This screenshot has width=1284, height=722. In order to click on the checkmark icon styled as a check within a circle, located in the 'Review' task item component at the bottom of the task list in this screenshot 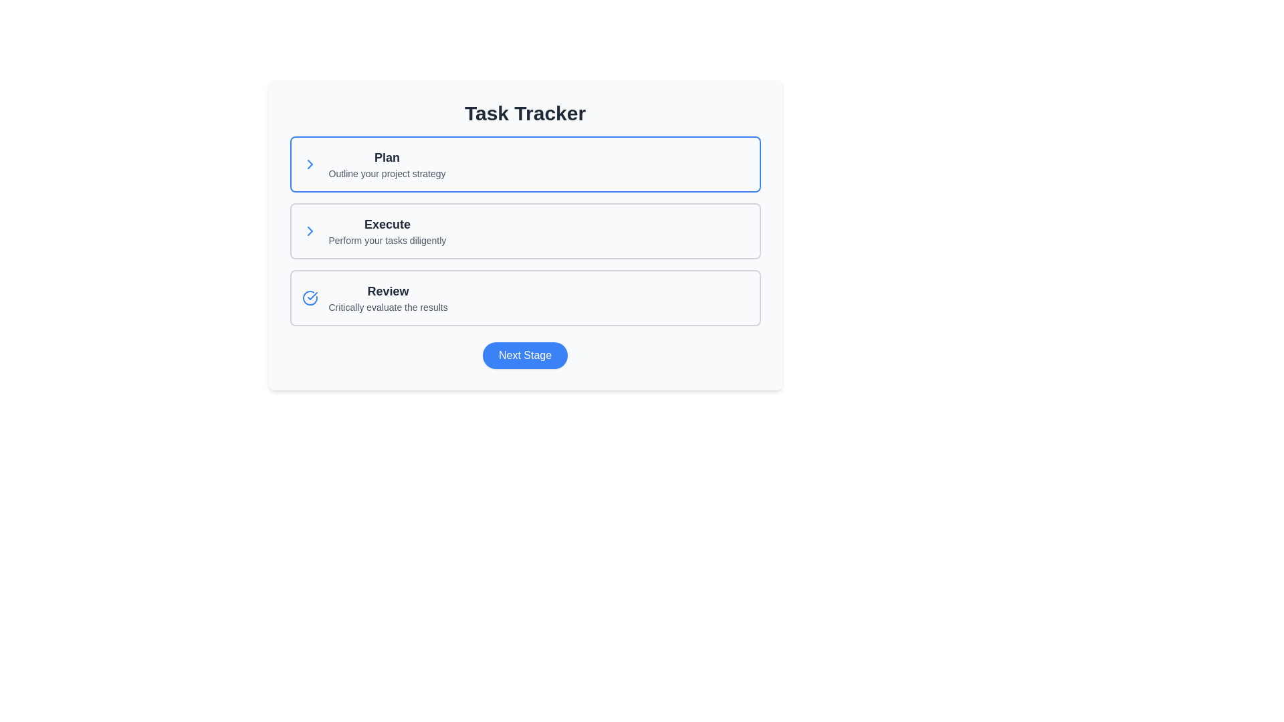, I will do `click(311, 295)`.